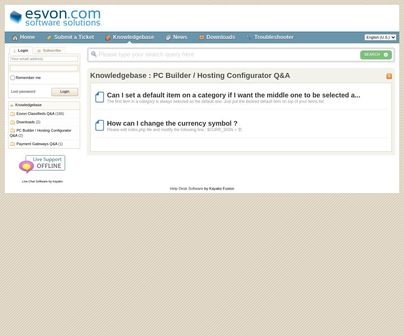 The image size is (404, 336). Describe the element at coordinates (23, 50) in the screenshot. I see `'Login'` at that location.